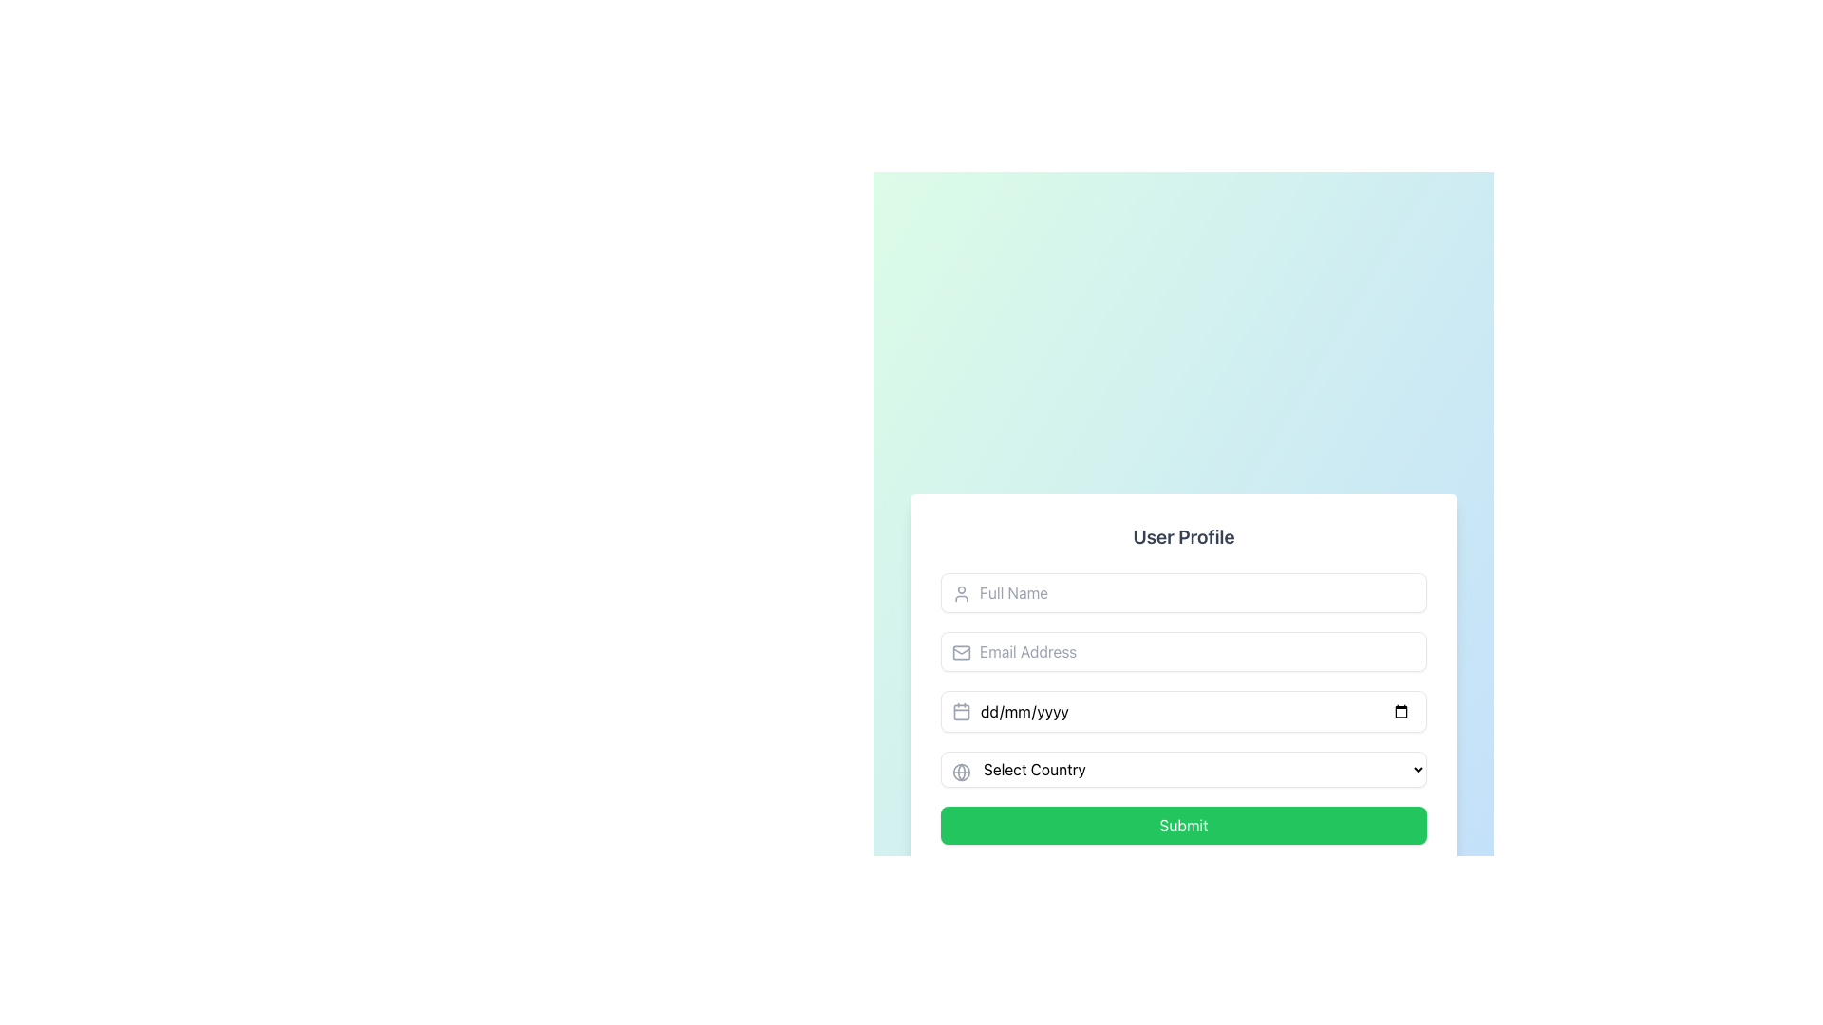 This screenshot has width=1823, height=1025. What do you see at coordinates (961, 772) in the screenshot?
I see `the icon representing the 'Select Country' field, which is located to the left of the dropdown input` at bounding box center [961, 772].